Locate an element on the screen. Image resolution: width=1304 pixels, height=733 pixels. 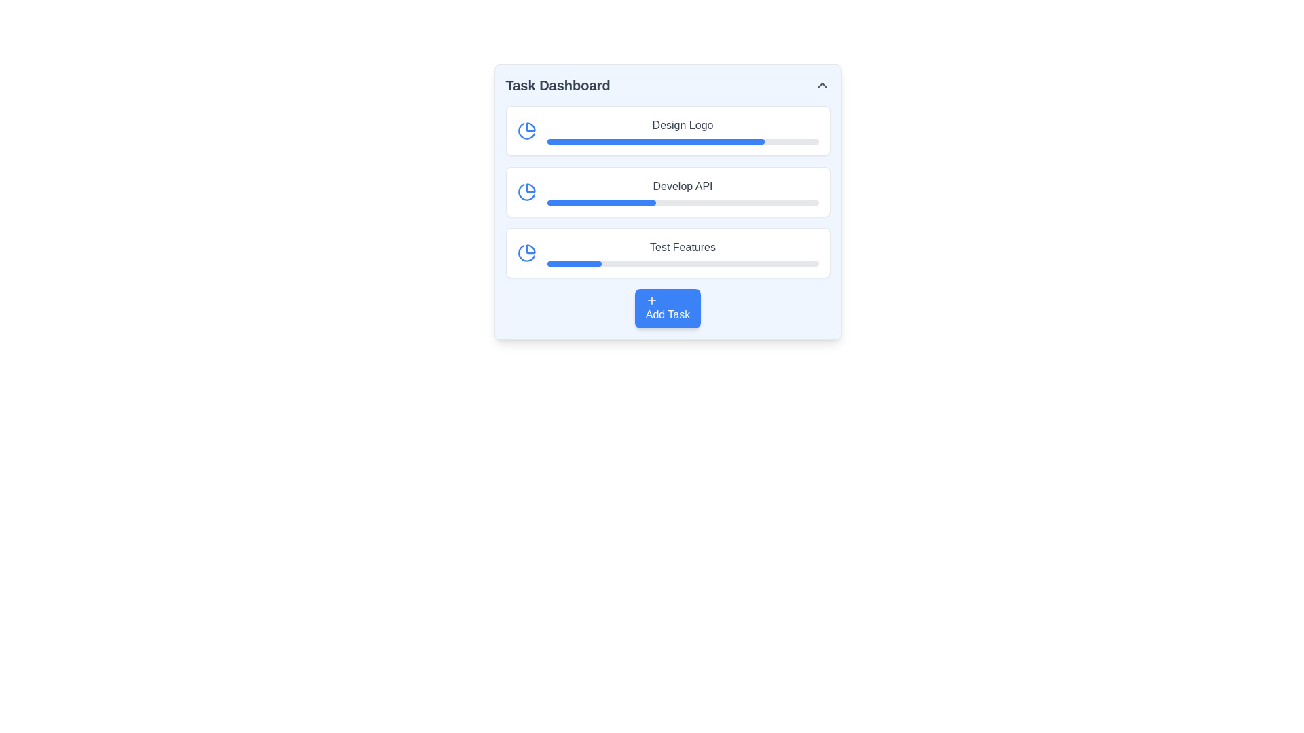
the Progress Bar indicating 40% completion for the task 'Develop API' in the Task Dashboard interface is located at coordinates (600, 203).